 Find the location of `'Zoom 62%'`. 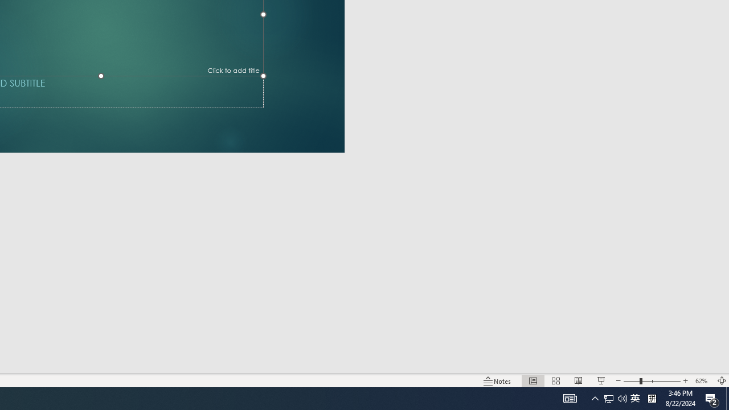

'Zoom 62%' is located at coordinates (702, 381).